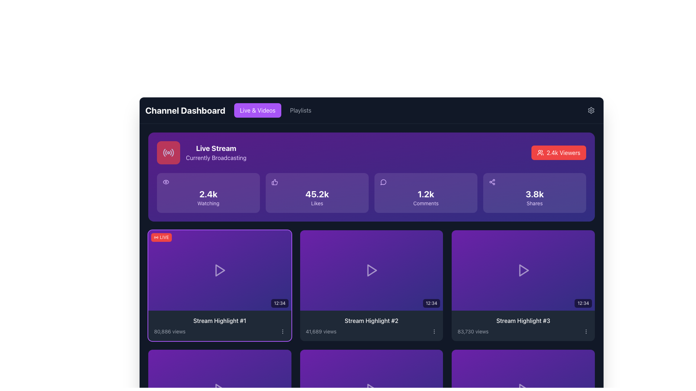  I want to click on the duration indicator label displaying '12:34' in white text on a semi-transparent black background, located at the bottom-right corner of the third tile in the grid layout, so click(583, 303).